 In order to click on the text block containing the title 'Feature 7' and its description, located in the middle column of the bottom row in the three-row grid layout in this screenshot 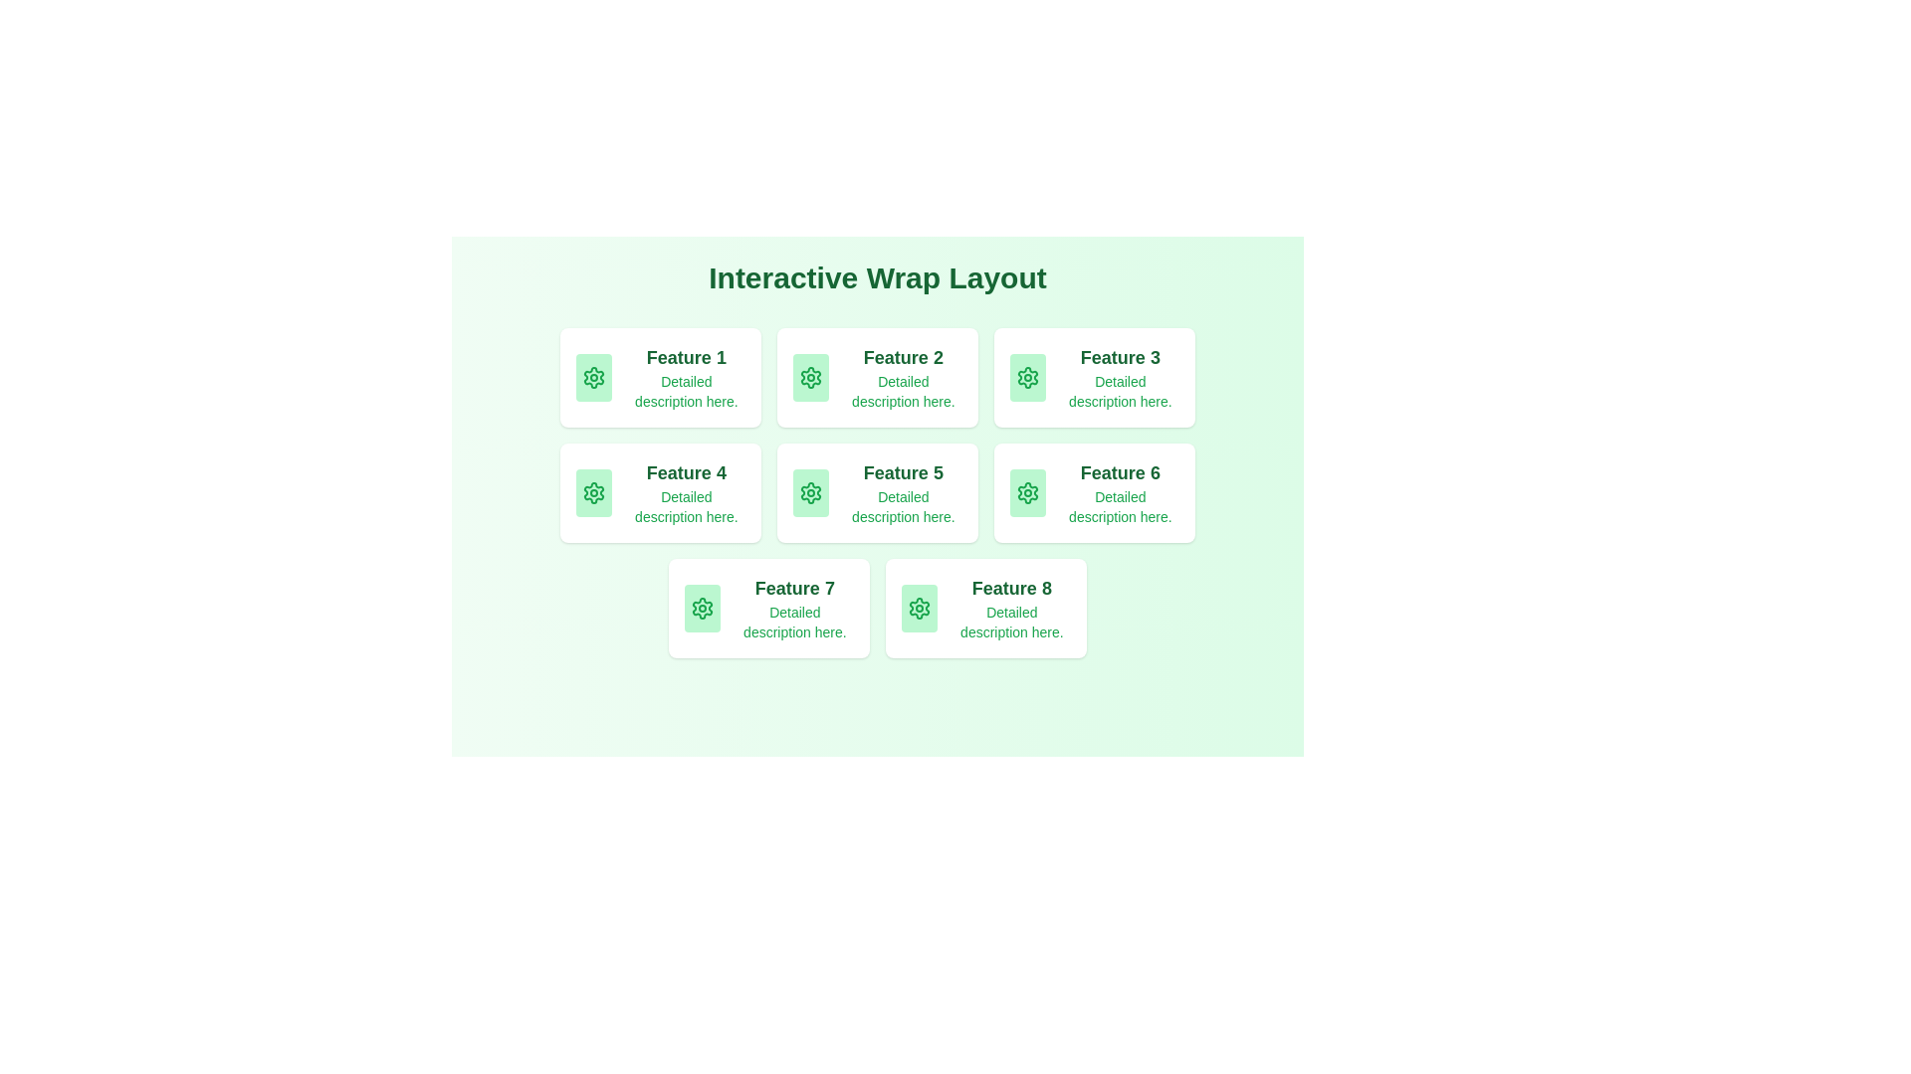, I will do `click(793, 608)`.